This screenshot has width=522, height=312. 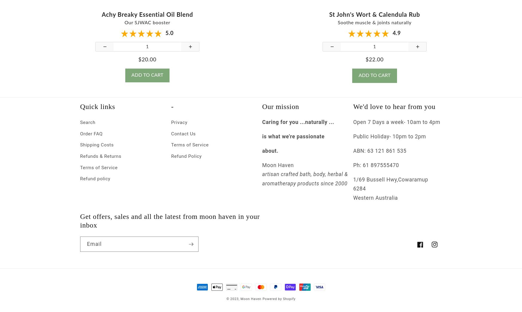 I want to click on 'Public Holiday- 10pm to 2pm', so click(x=389, y=141).